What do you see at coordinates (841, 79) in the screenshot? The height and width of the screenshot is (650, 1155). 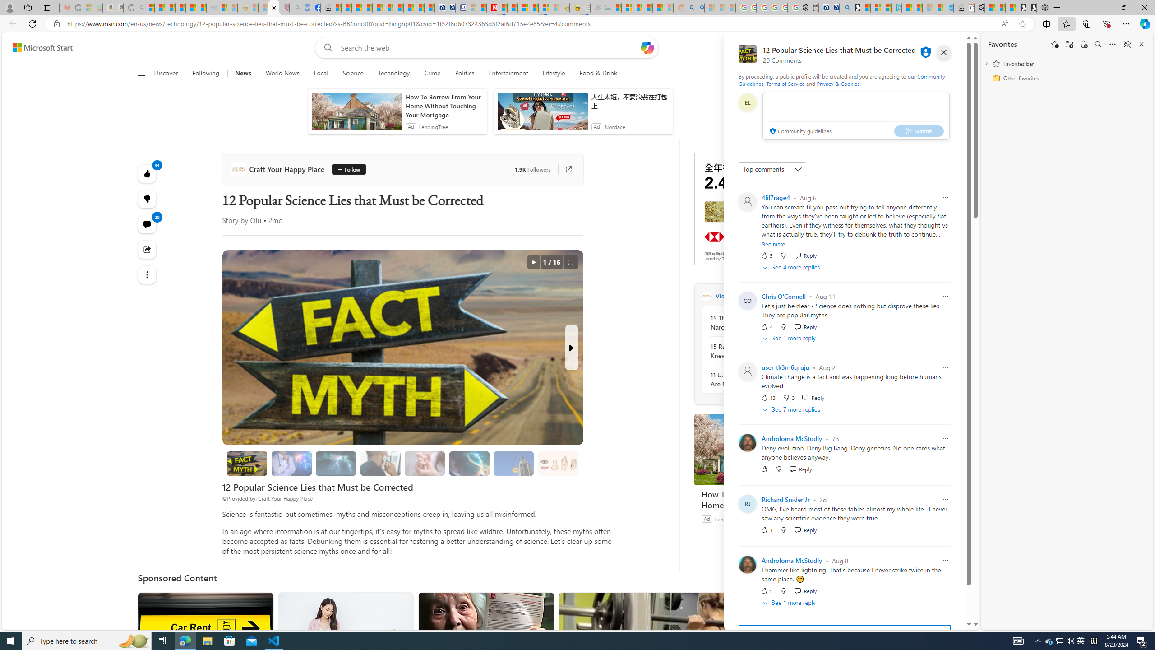 I see `'Community Guidelines'` at bounding box center [841, 79].